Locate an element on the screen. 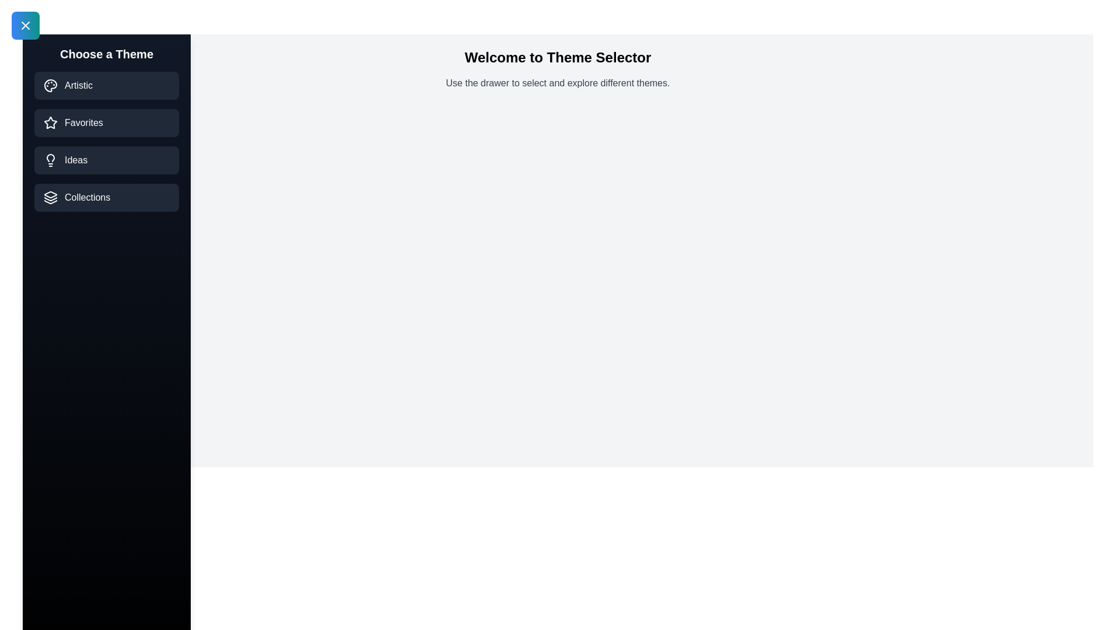 The height and width of the screenshot is (630, 1120). the theme Favorites from the list is located at coordinates (106, 123).